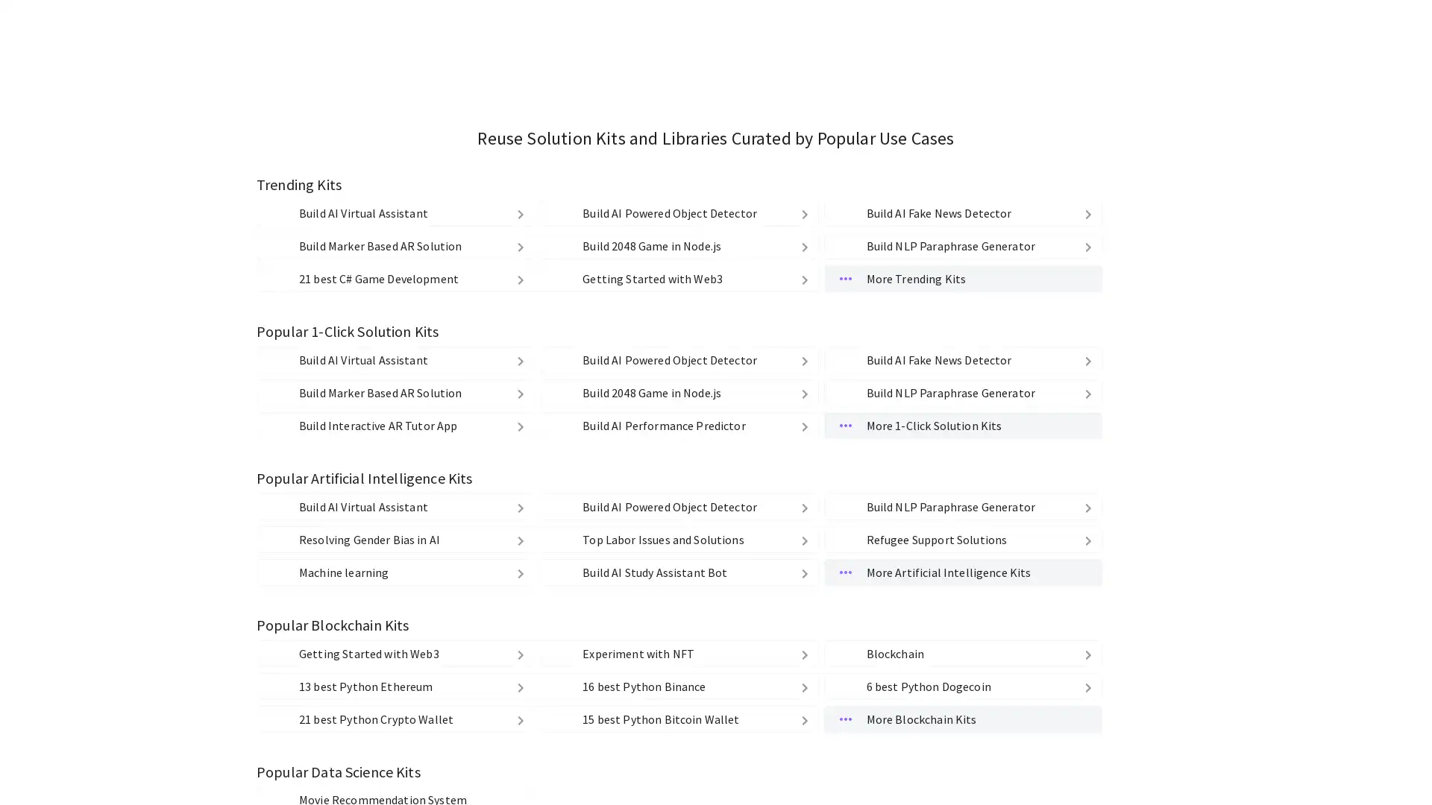 The width and height of the screenshot is (1432, 805). Describe the element at coordinates (525, 373) in the screenshot. I see `Python Python` at that location.